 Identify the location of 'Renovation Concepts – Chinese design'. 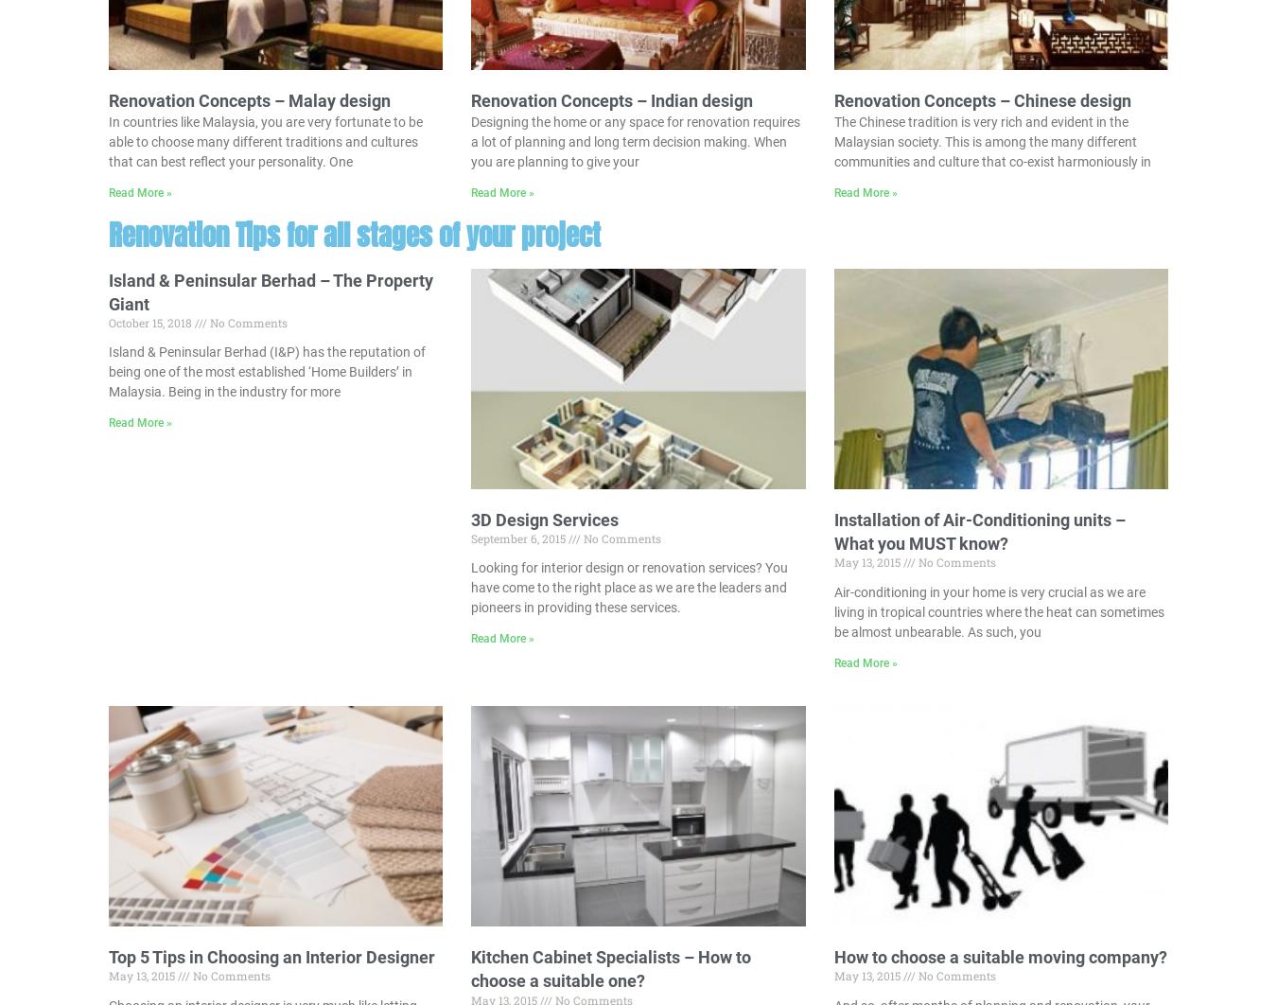
(982, 99).